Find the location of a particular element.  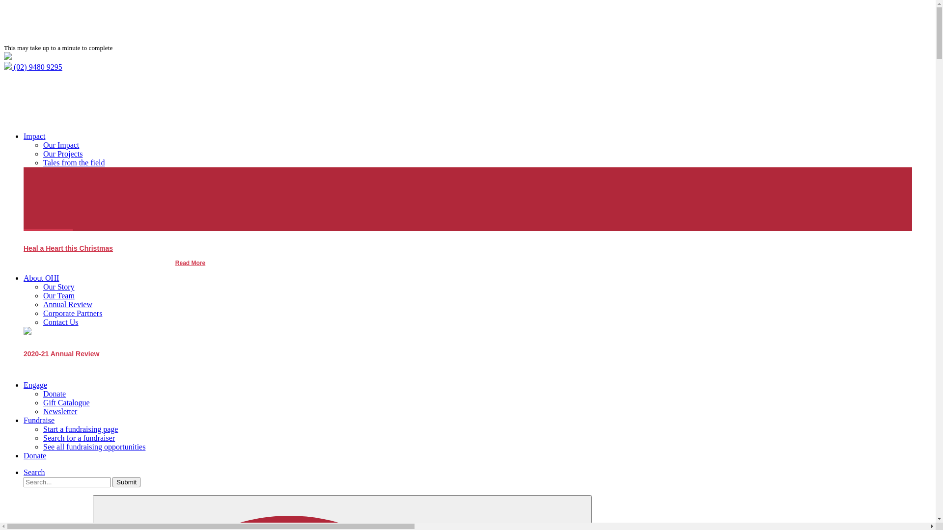

'Start a fundraising page' is located at coordinates (80, 428).